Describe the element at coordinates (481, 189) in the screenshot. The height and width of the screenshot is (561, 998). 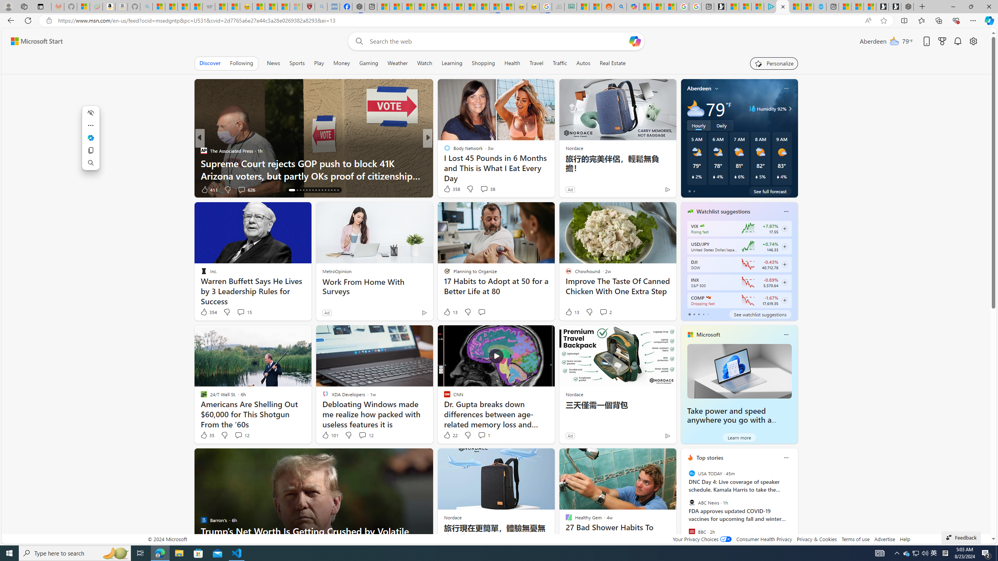
I see `'View comments 66 Comment'` at that location.